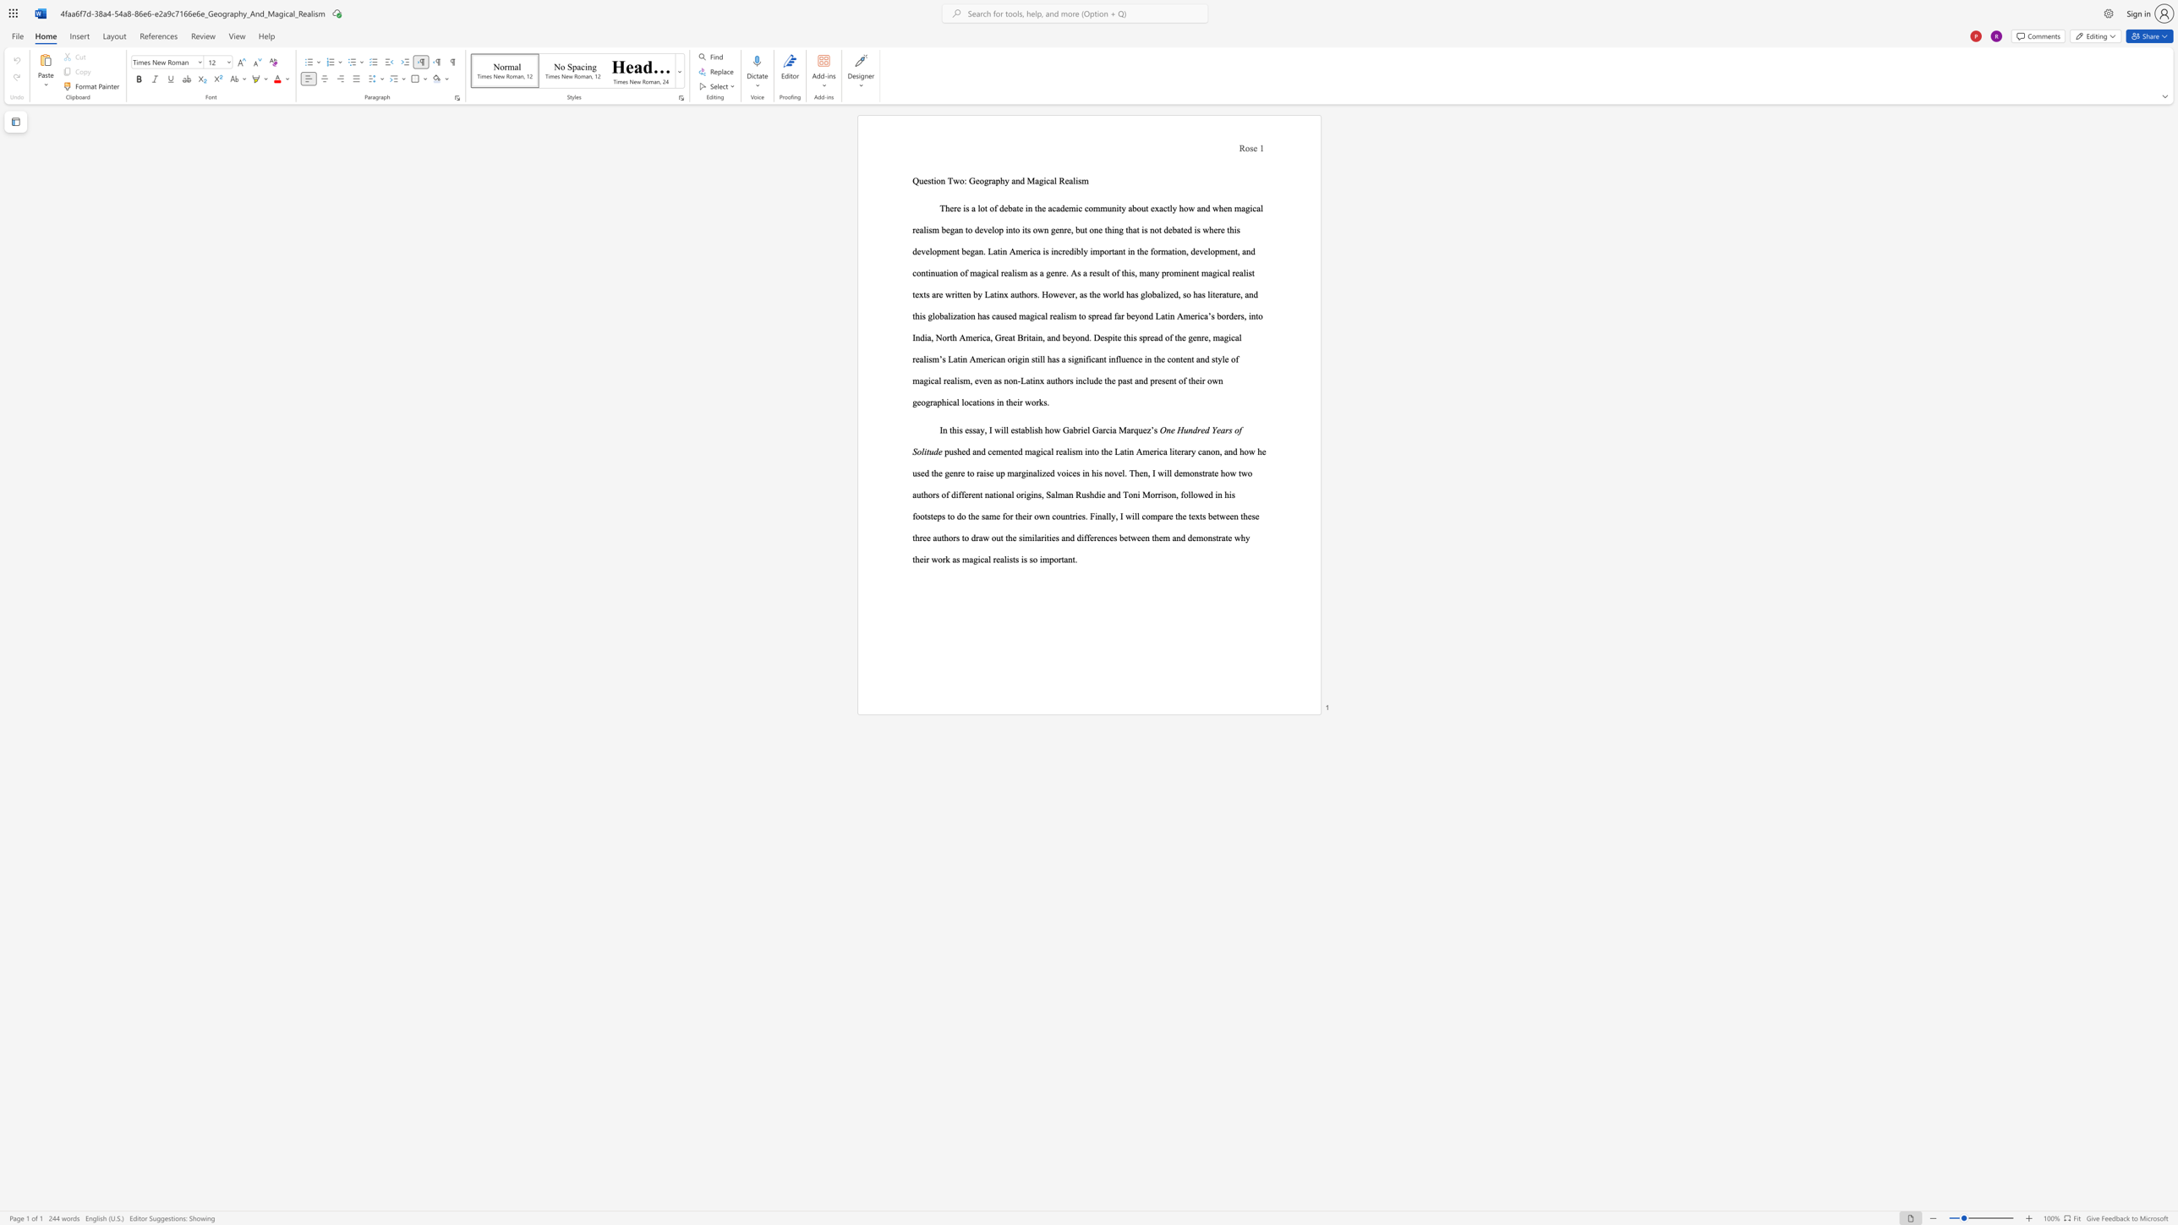  I want to click on the subset text "ud" within the text "One Hundred Years of Solitude", so click(929, 451).